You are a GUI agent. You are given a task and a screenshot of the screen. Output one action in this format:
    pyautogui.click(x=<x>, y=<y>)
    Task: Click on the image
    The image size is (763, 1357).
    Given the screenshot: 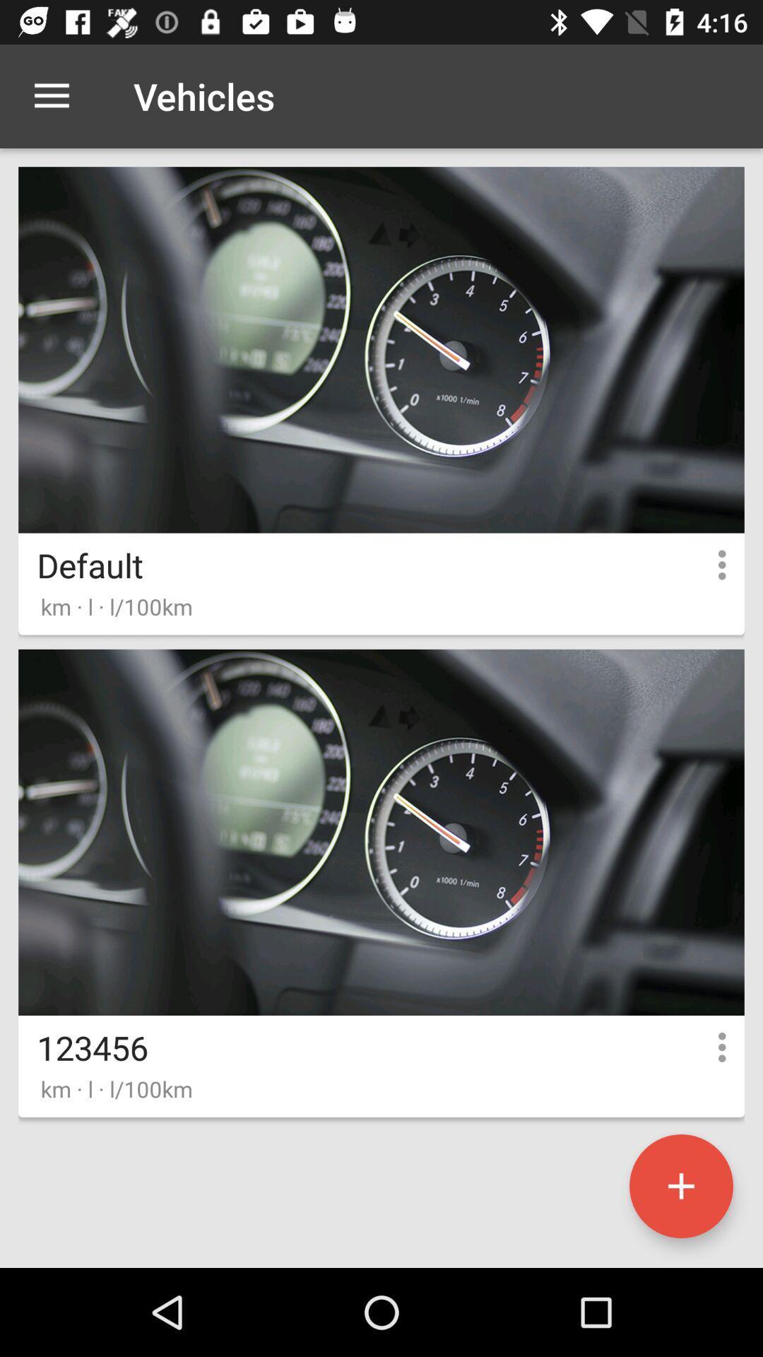 What is the action you would take?
    pyautogui.click(x=680, y=1186)
    